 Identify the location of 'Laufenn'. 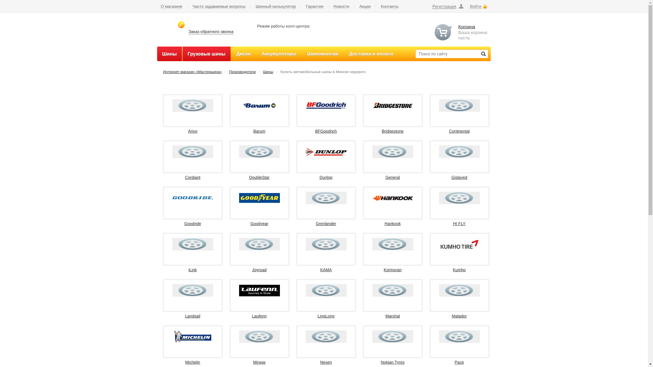
(259, 291).